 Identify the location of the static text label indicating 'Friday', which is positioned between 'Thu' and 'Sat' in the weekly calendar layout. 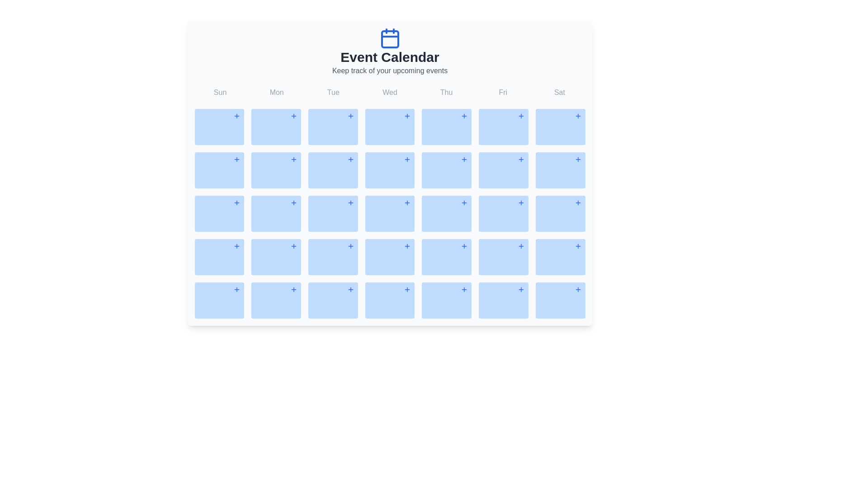
(502, 92).